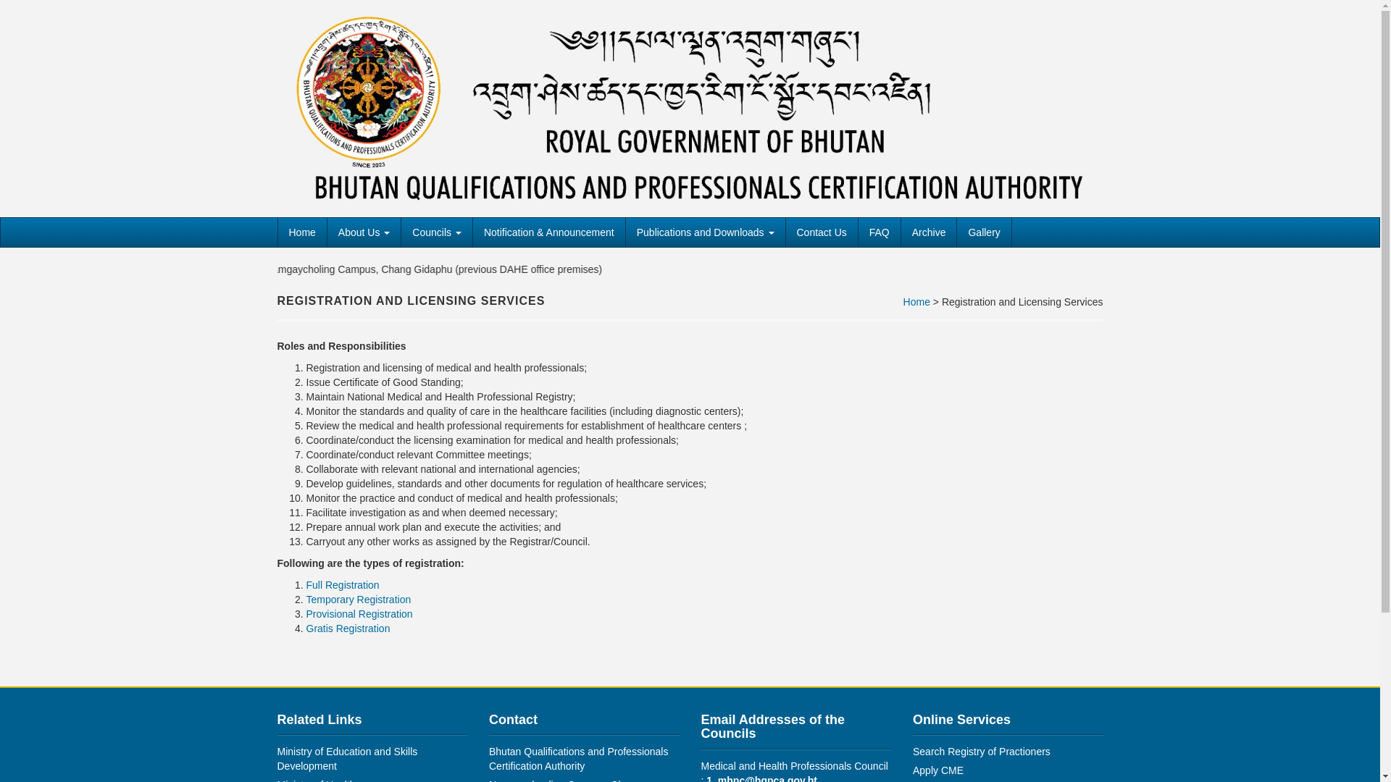 Image resolution: width=1391 pixels, height=782 pixels. Describe the element at coordinates (348, 627) in the screenshot. I see `'Gratis Registration'` at that location.